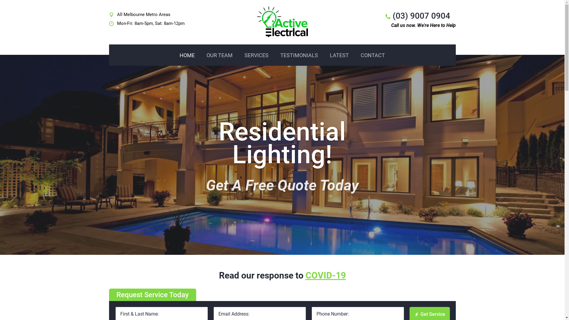 This screenshot has width=569, height=320. What do you see at coordinates (256, 55) in the screenshot?
I see `'SERVICES'` at bounding box center [256, 55].